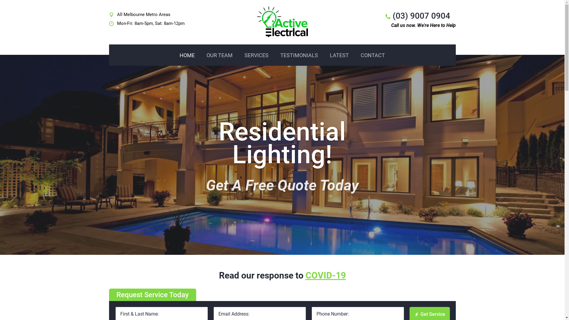 This screenshot has width=569, height=320. What do you see at coordinates (256, 55) in the screenshot?
I see `'SERVICES'` at bounding box center [256, 55].